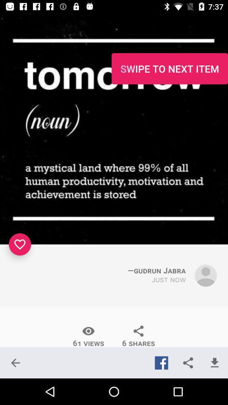 This screenshot has width=228, height=405. Describe the element at coordinates (20, 244) in the screenshot. I see `the favorite icon` at that location.